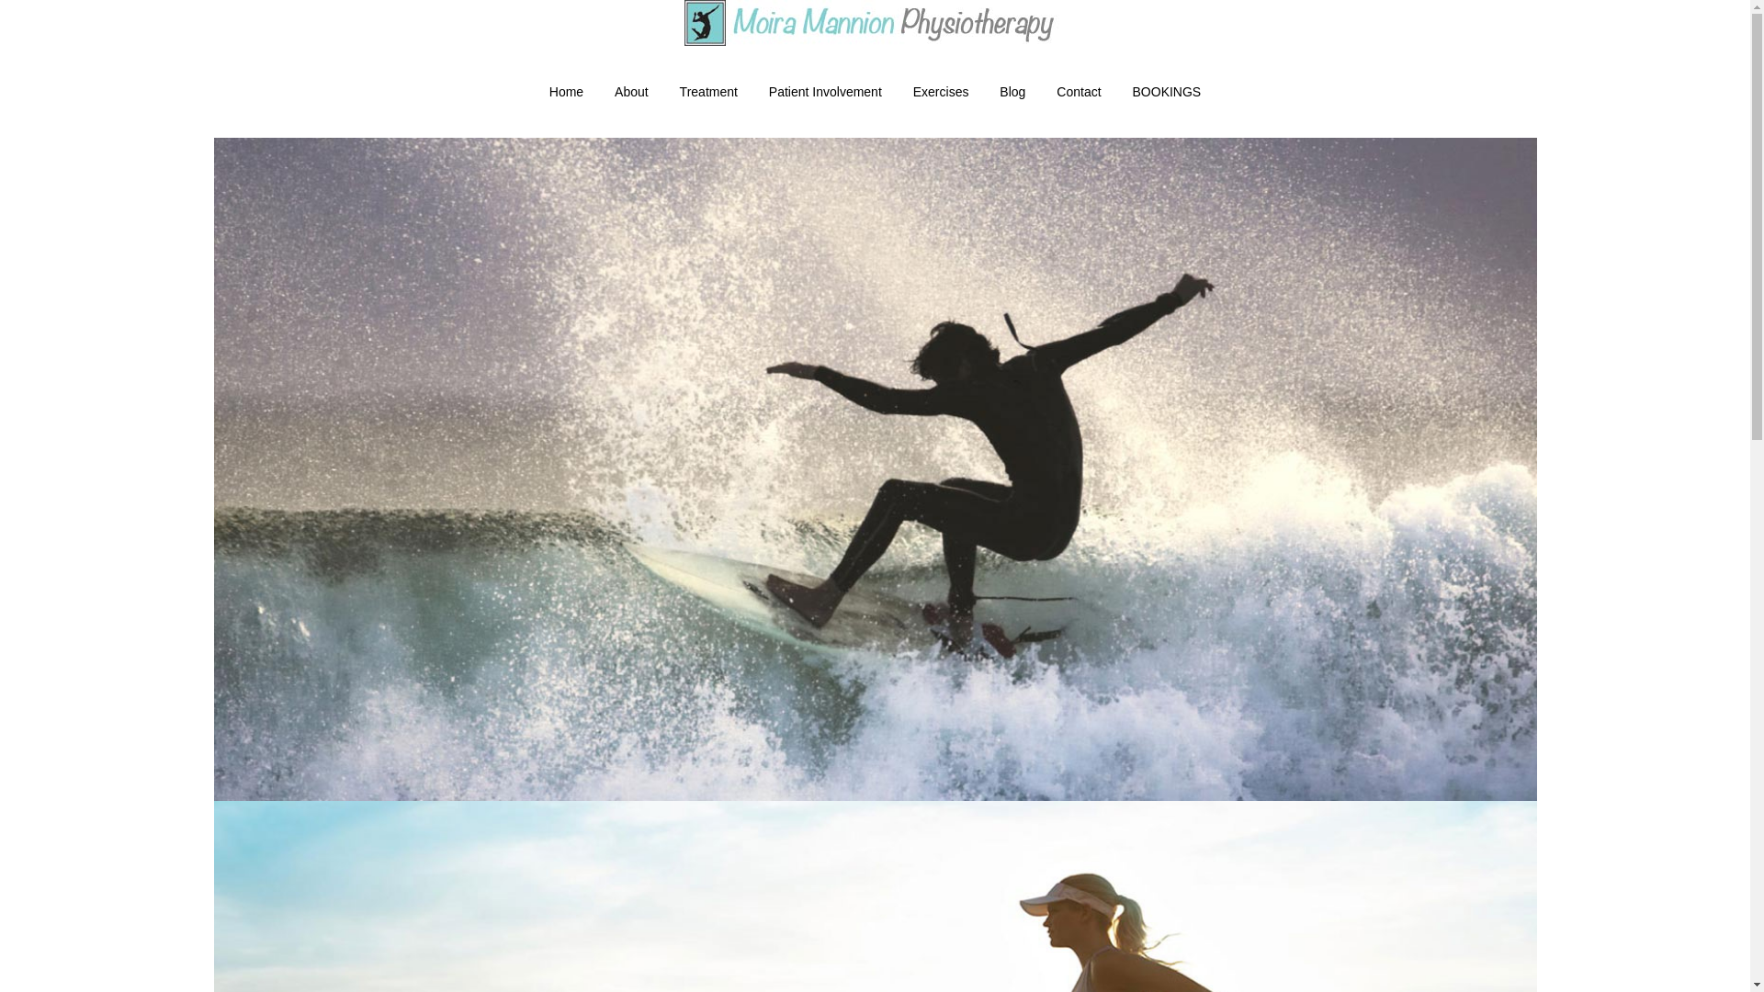 The height and width of the screenshot is (992, 1764). I want to click on 'Treatment', so click(707, 92).